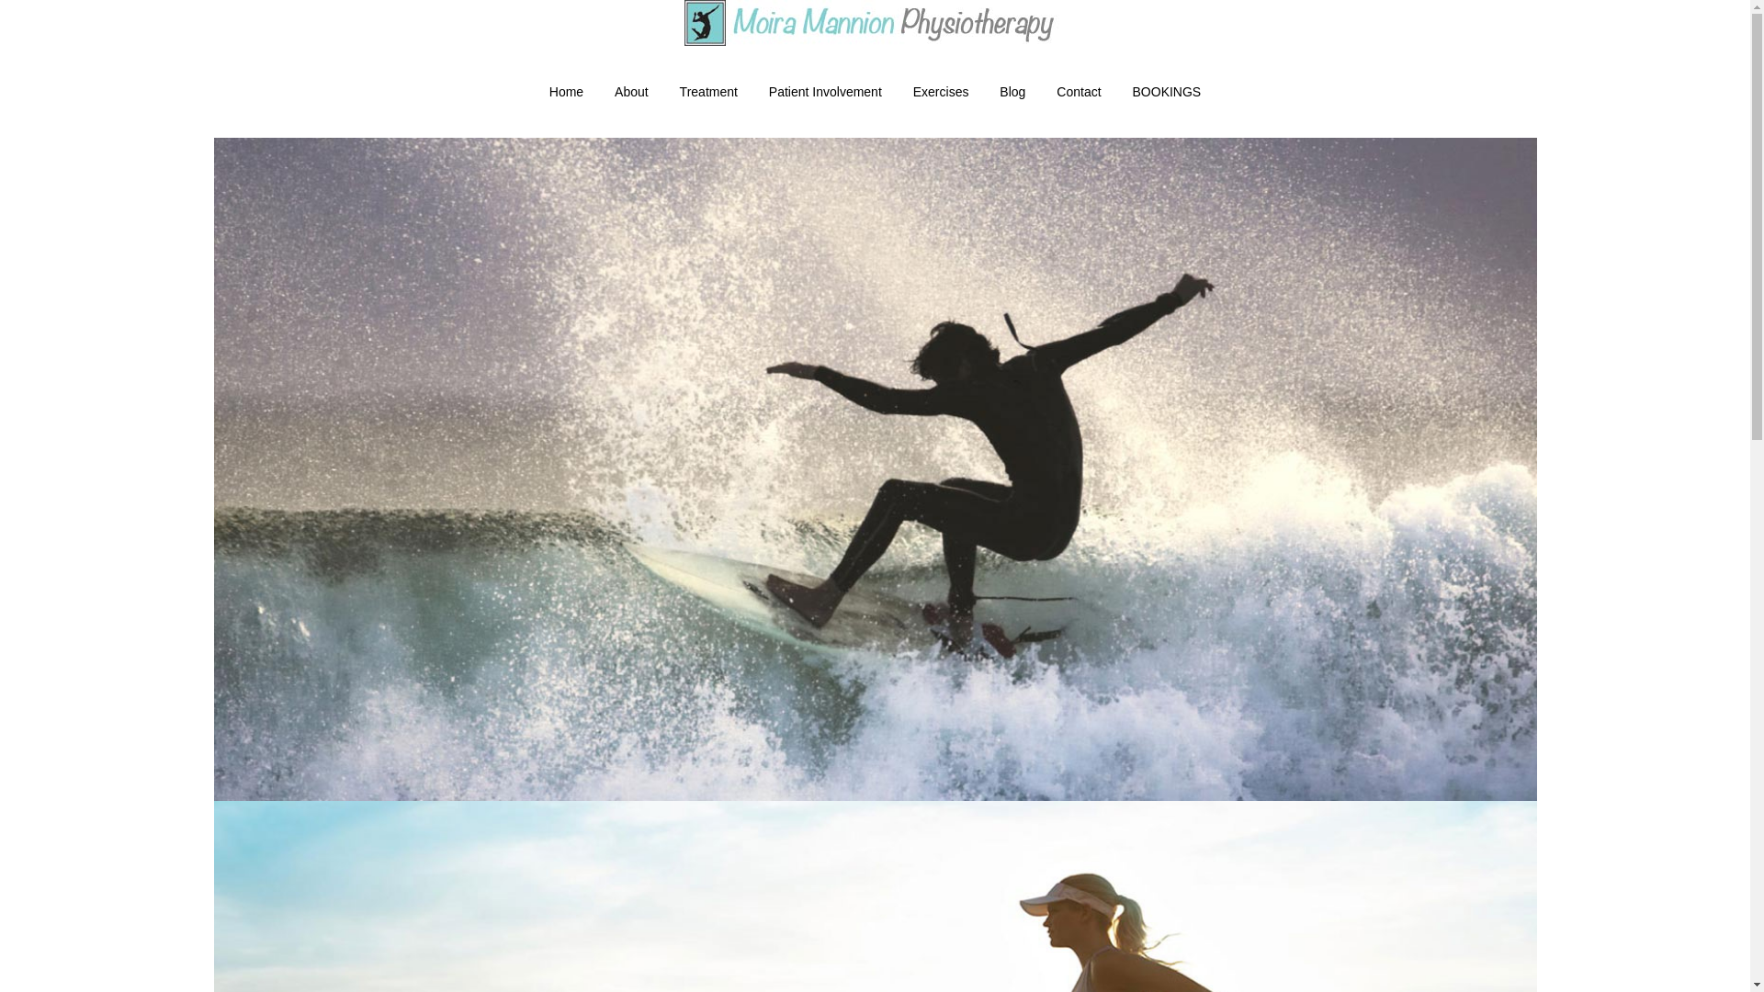 The height and width of the screenshot is (992, 1764). I want to click on 'Treatment', so click(707, 92).